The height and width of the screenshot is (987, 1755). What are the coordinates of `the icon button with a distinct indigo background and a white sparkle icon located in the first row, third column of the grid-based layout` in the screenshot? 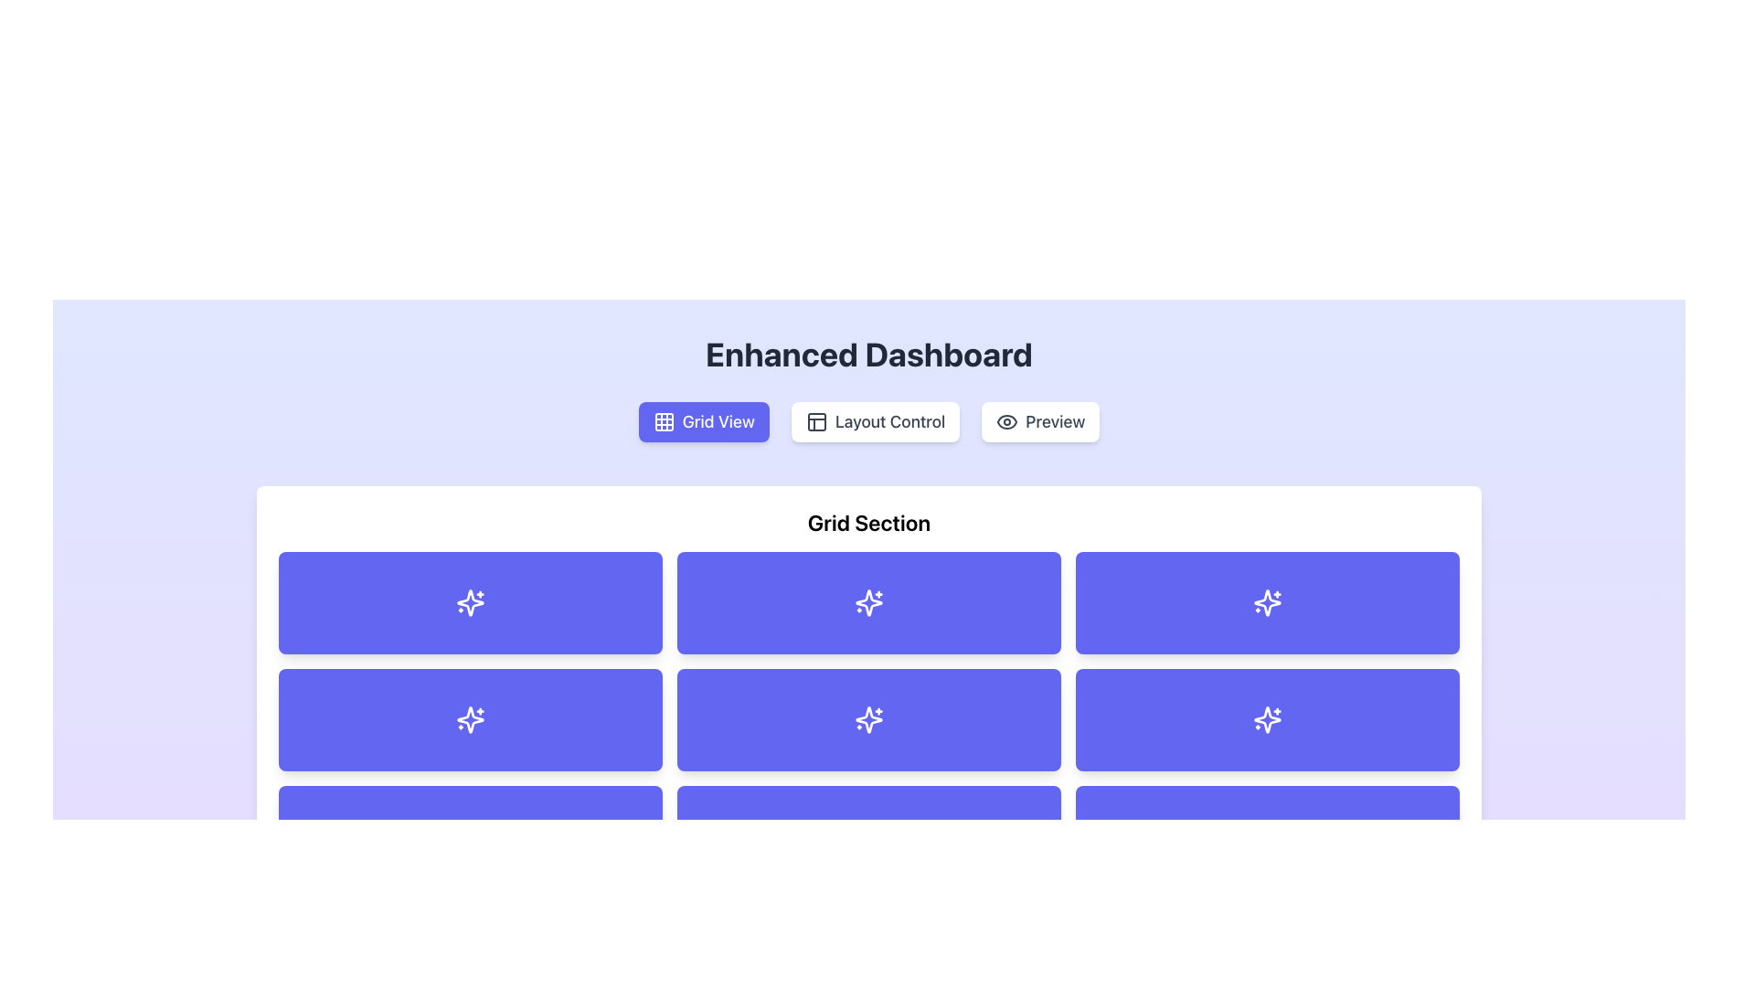 It's located at (1266, 602).